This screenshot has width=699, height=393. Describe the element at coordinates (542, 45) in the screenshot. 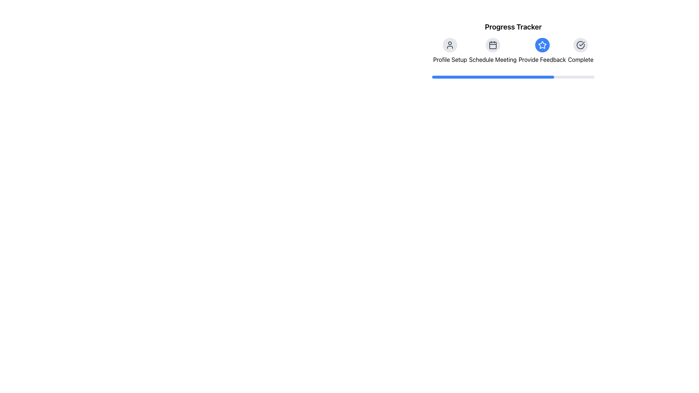

I see `the 'Provide Feedback' icon, which is the third icon in a row of interactive buttons indicating the progress in the process flow` at that location.